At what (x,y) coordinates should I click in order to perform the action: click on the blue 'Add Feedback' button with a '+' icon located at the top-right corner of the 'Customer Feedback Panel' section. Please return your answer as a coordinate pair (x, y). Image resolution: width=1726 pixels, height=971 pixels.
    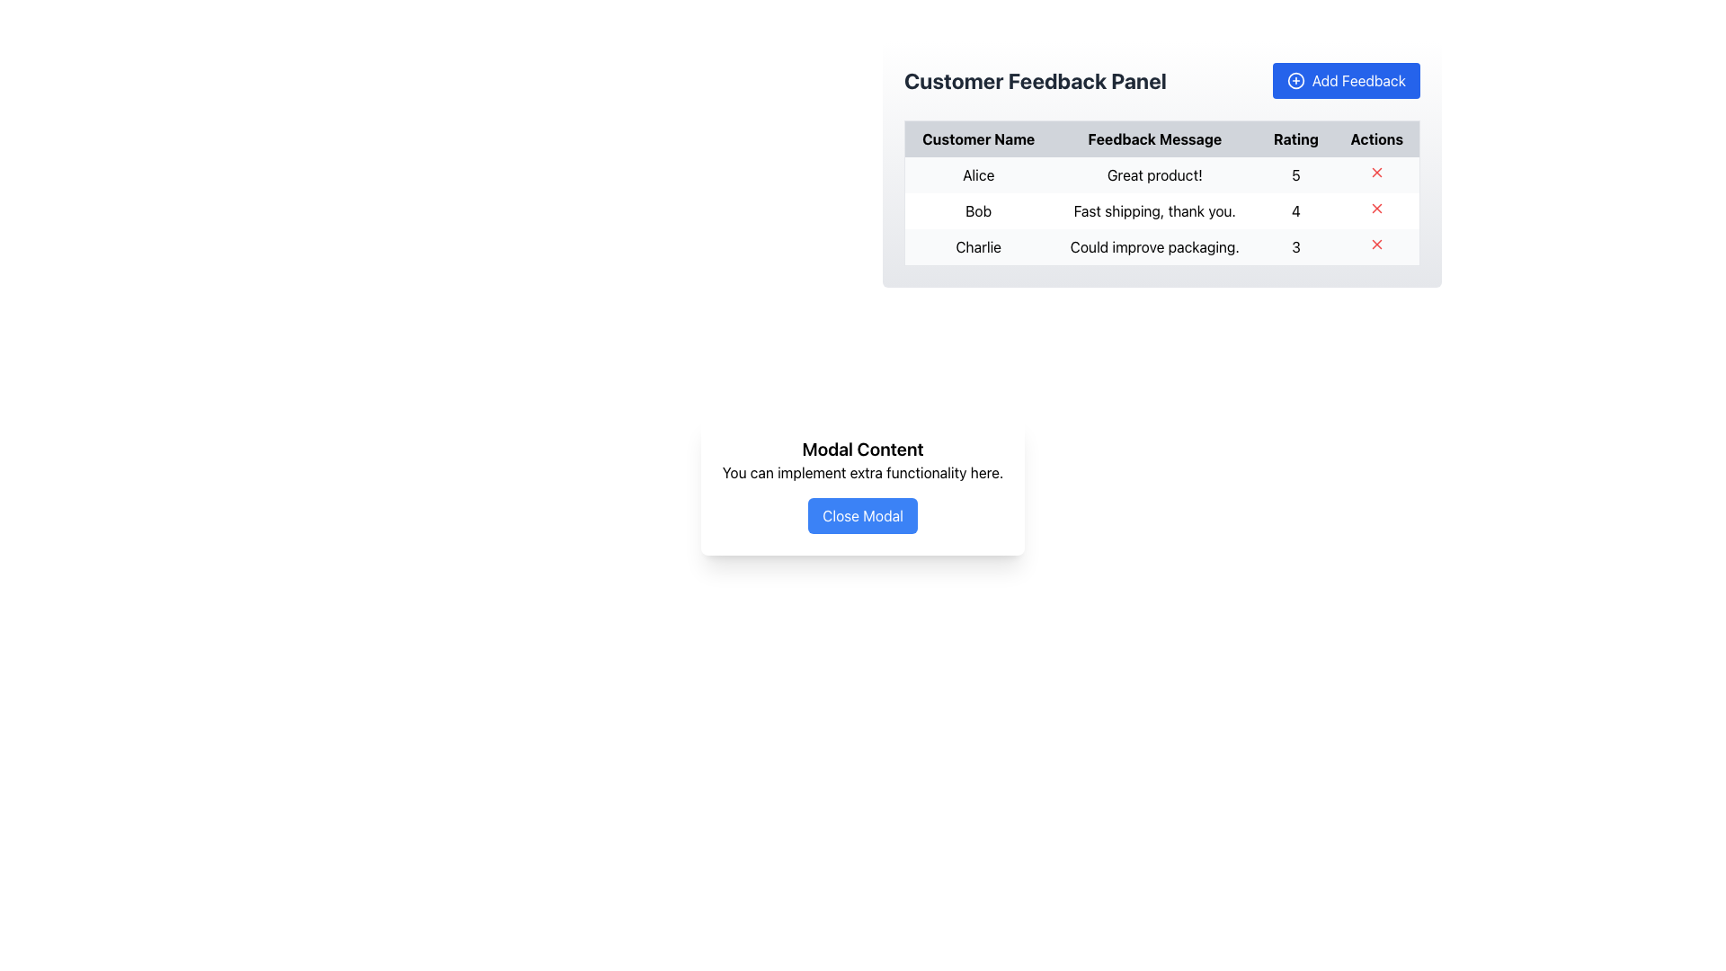
    Looking at the image, I should click on (1346, 79).